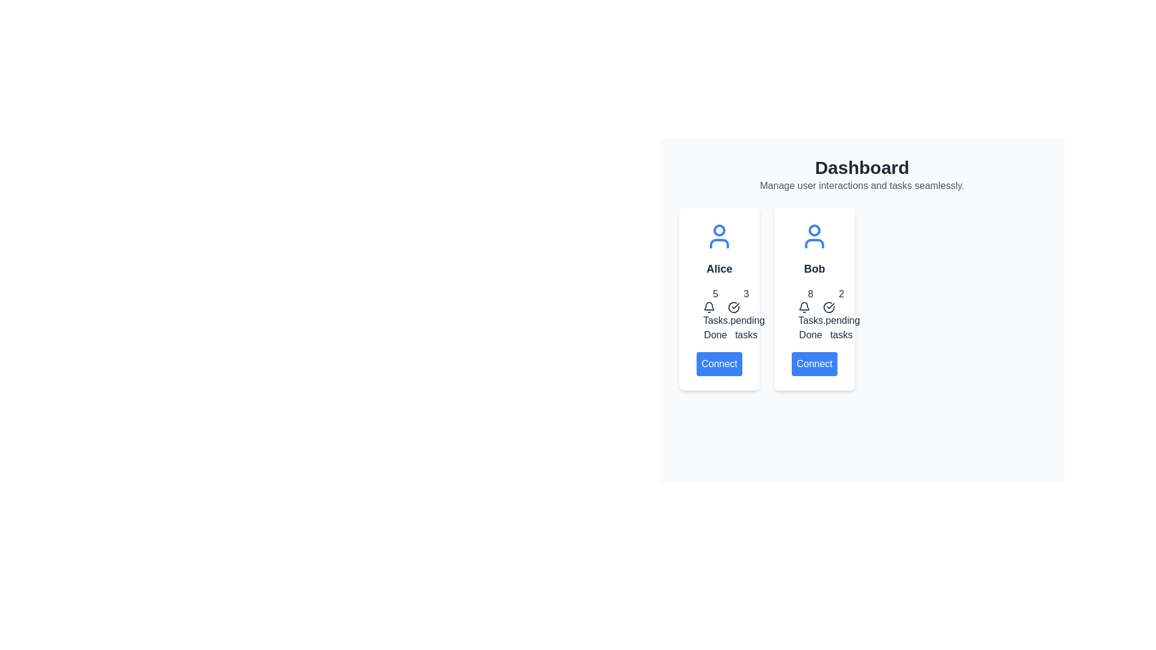 The image size is (1156, 650). Describe the element at coordinates (815, 237) in the screenshot. I see `the user icon silhouette with a blue outline, located at the top-center of the card labeled 'Bob' in the dashboard layout` at that location.